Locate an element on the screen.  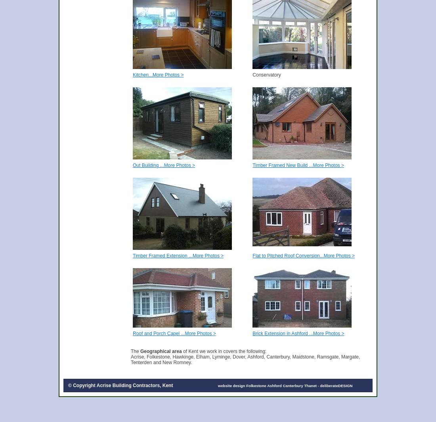
'Roof and Porch Capel ...More Photos >' is located at coordinates (174, 333).